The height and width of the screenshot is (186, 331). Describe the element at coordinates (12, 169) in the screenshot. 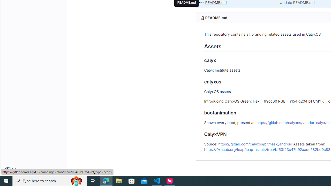

I see `'Help'` at that location.